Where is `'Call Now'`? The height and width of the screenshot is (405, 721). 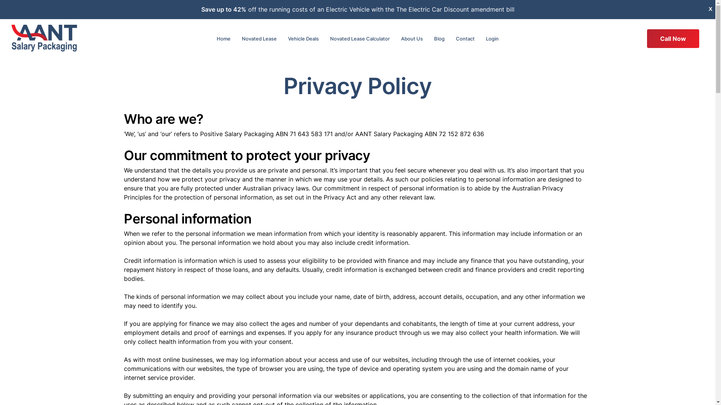
'Call Now' is located at coordinates (673, 39).